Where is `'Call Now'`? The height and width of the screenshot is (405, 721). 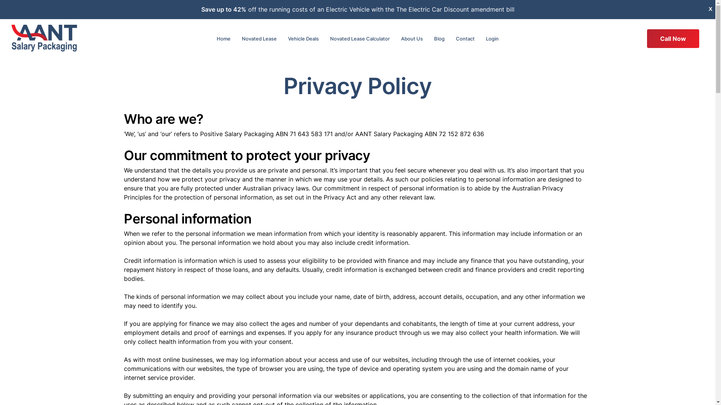
'Call Now' is located at coordinates (673, 39).